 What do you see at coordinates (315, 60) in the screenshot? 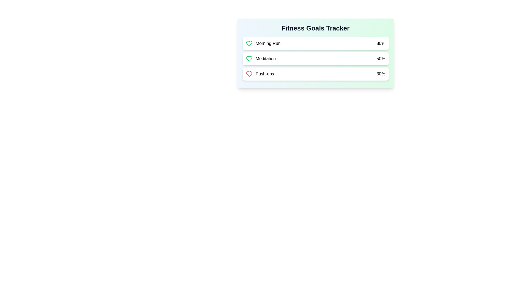
I see `the Information List displaying progress metrics for activities like Morning Run, Meditation, and Push-ups` at bounding box center [315, 60].